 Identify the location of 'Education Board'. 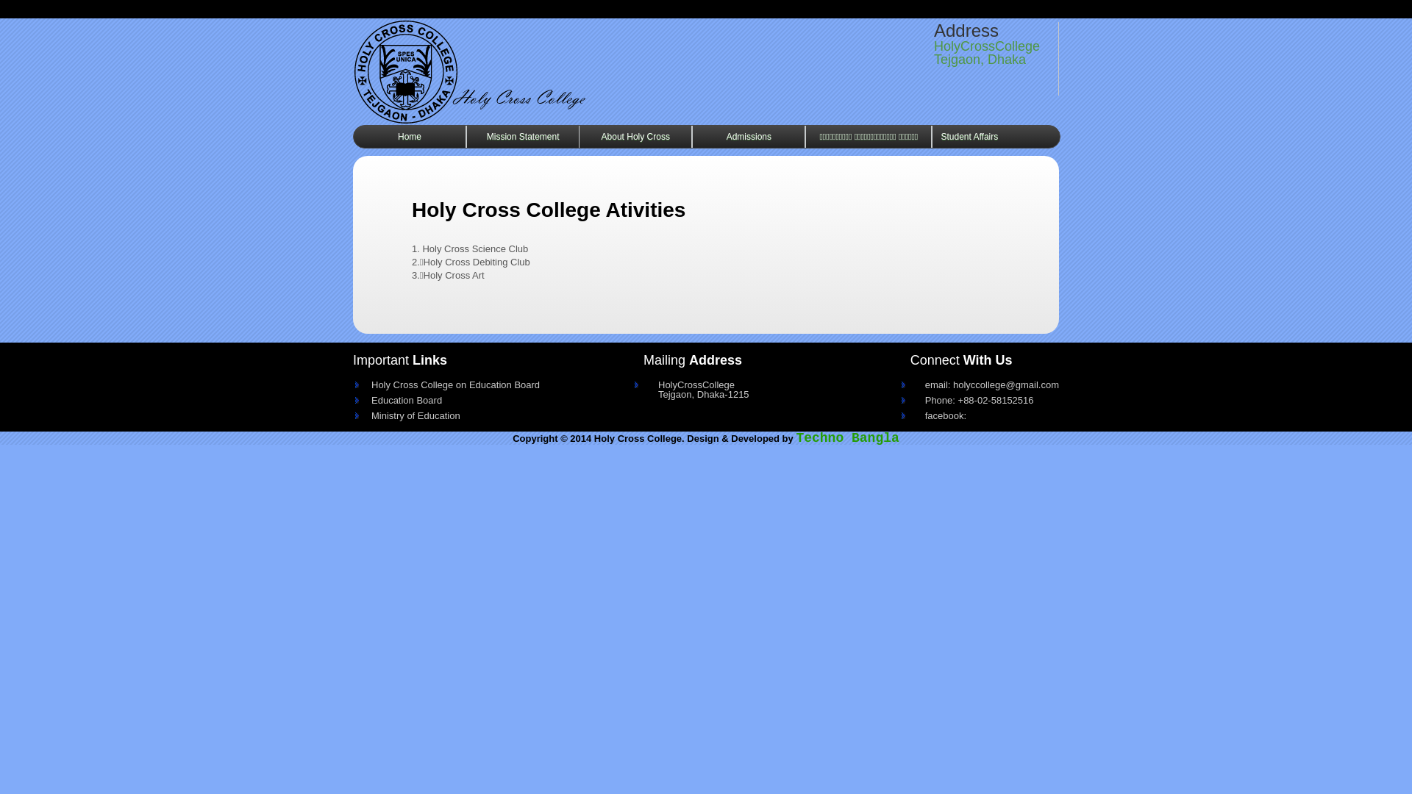
(363, 397).